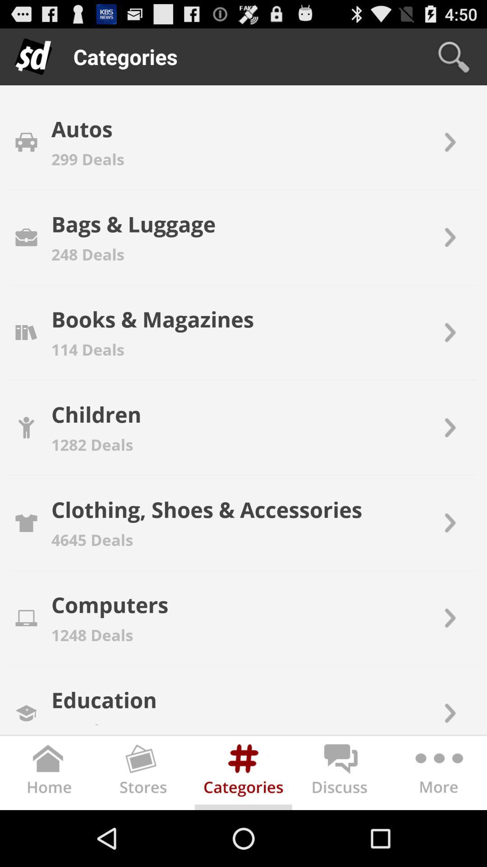  What do you see at coordinates (146, 774) in the screenshot?
I see `open stores` at bounding box center [146, 774].